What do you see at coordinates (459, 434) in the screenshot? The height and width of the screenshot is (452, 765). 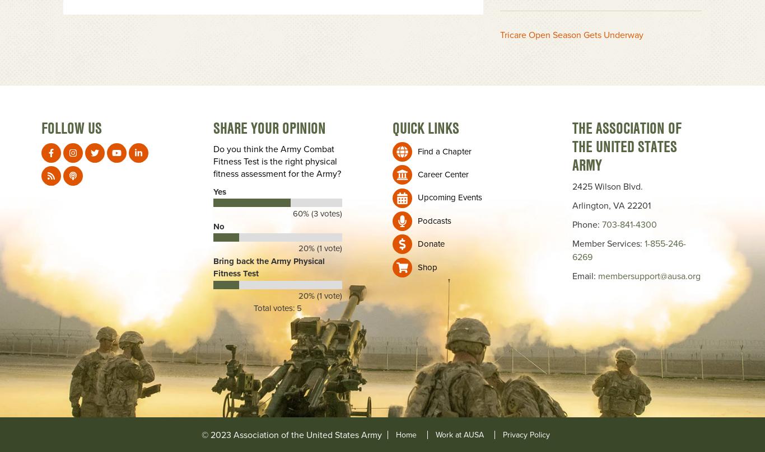 I see `'Work at AUSA'` at bounding box center [459, 434].